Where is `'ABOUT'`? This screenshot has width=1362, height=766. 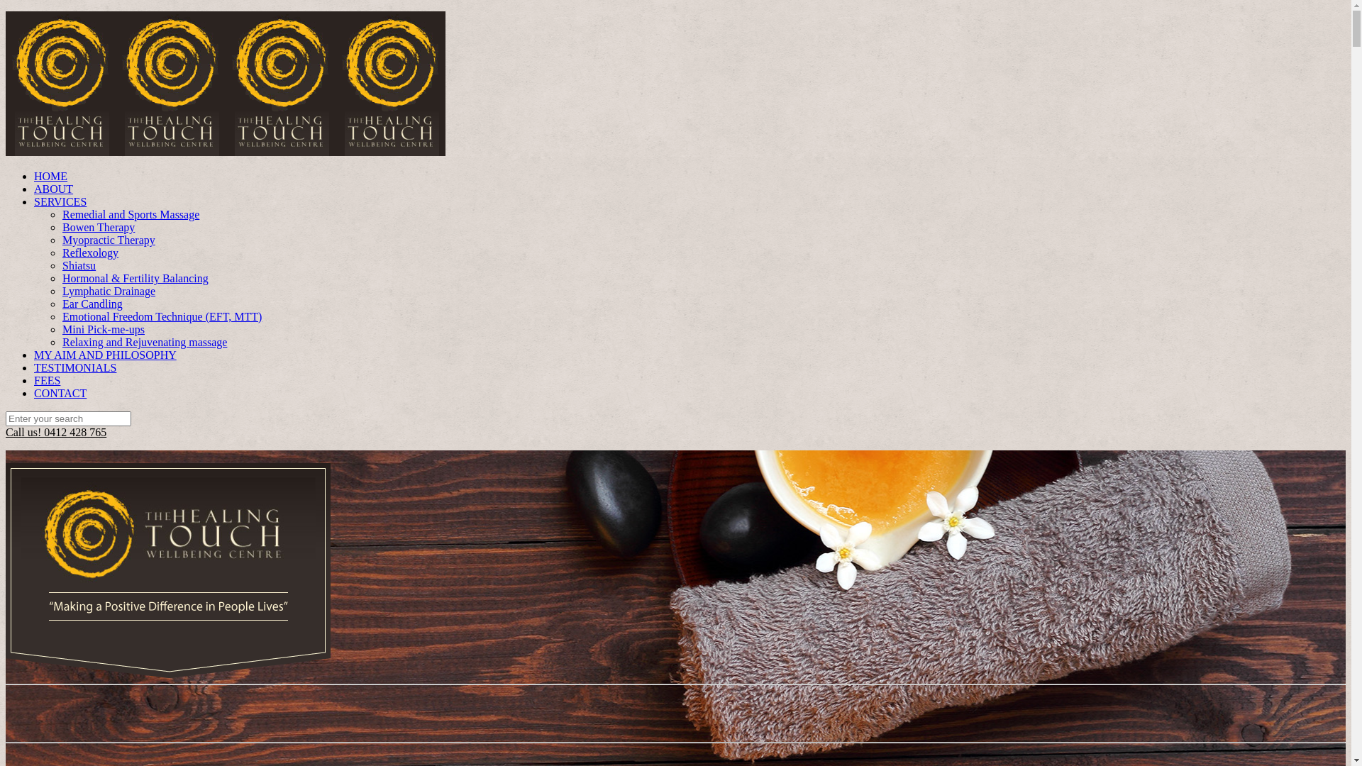
'ABOUT' is located at coordinates (34, 188).